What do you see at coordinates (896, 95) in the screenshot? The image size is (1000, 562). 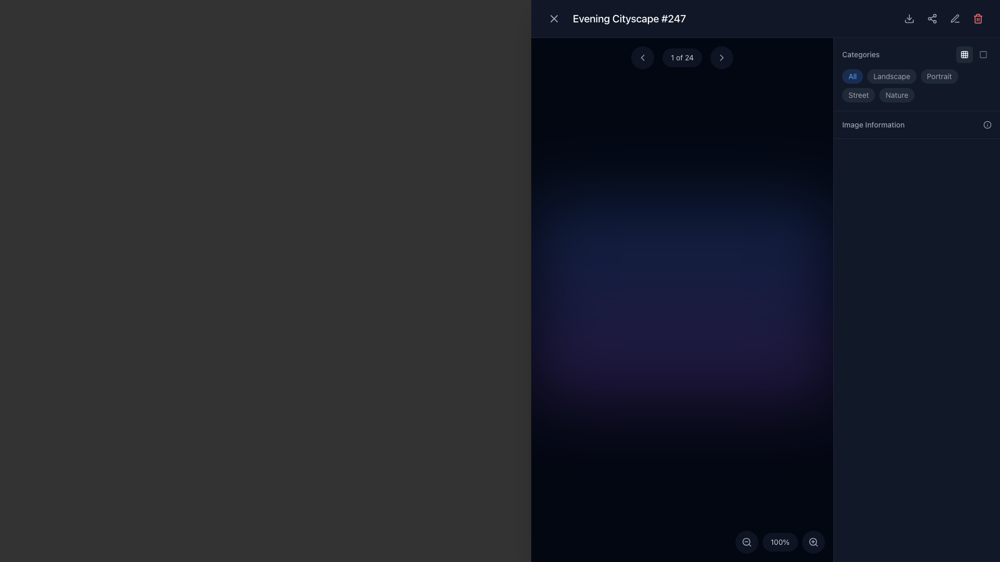 I see `the pill-shaped button labeled 'Nature' with a dark gray background` at bounding box center [896, 95].